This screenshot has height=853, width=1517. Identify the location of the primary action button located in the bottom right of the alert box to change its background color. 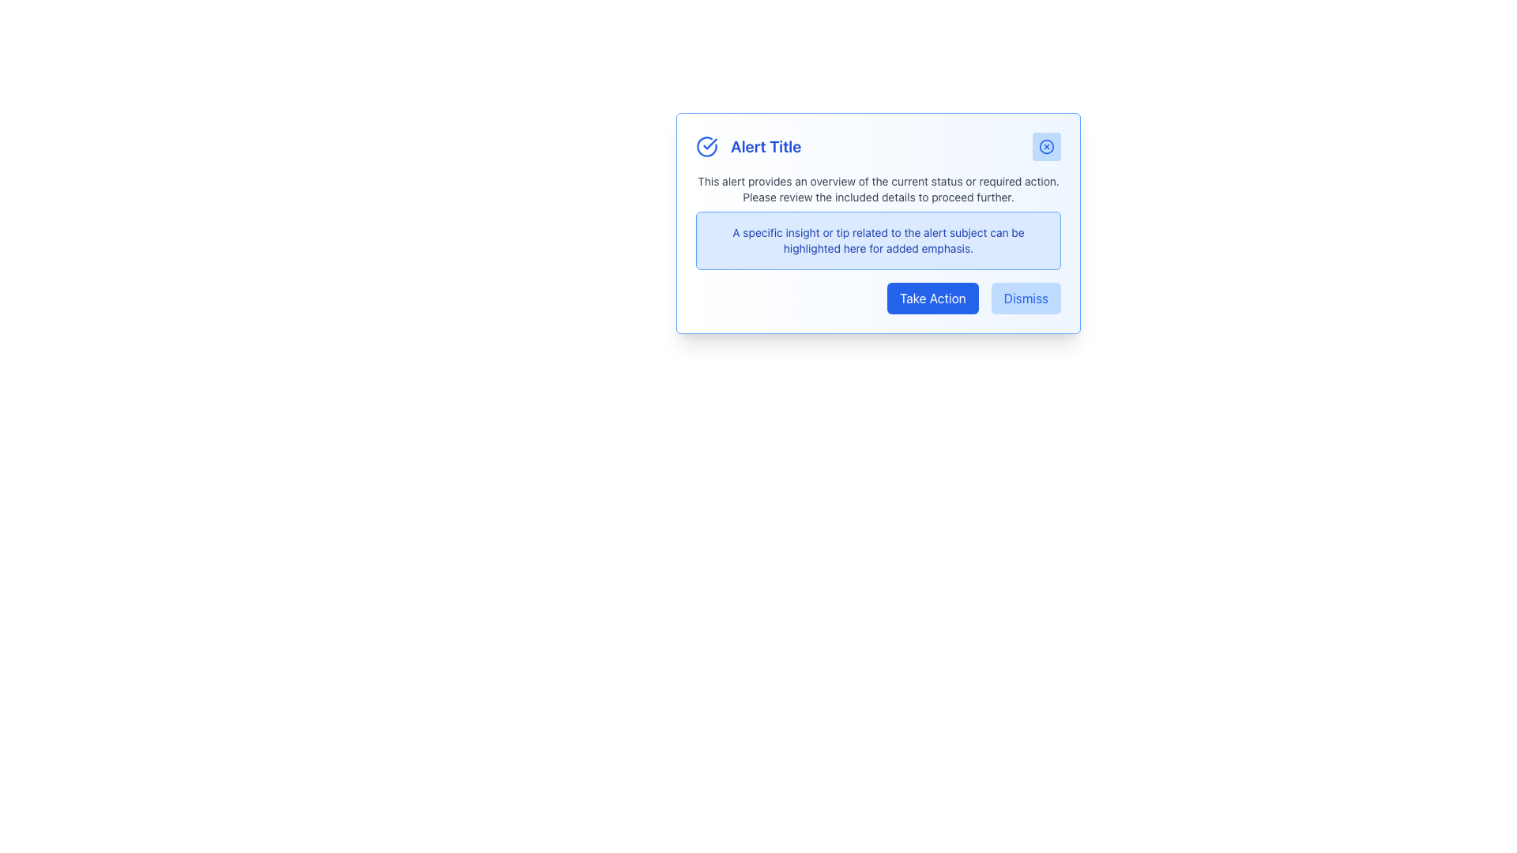
(932, 299).